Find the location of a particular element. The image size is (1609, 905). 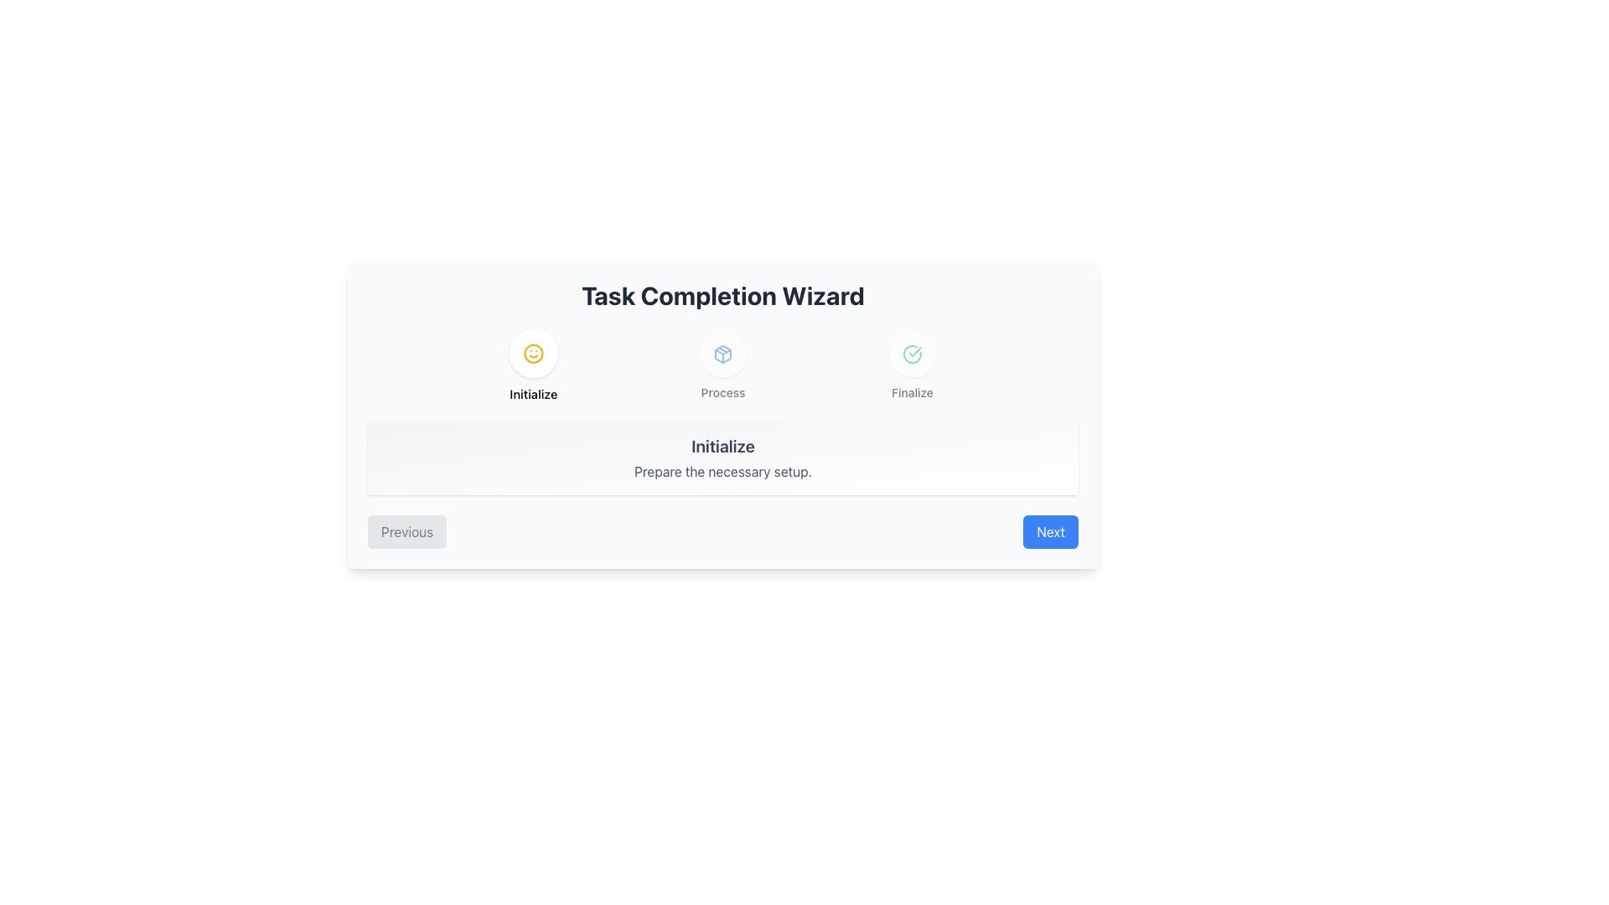

the text label that reads 'Task Completion Wizard', which is centrally aligned at the top of the card section is located at coordinates (723, 295).